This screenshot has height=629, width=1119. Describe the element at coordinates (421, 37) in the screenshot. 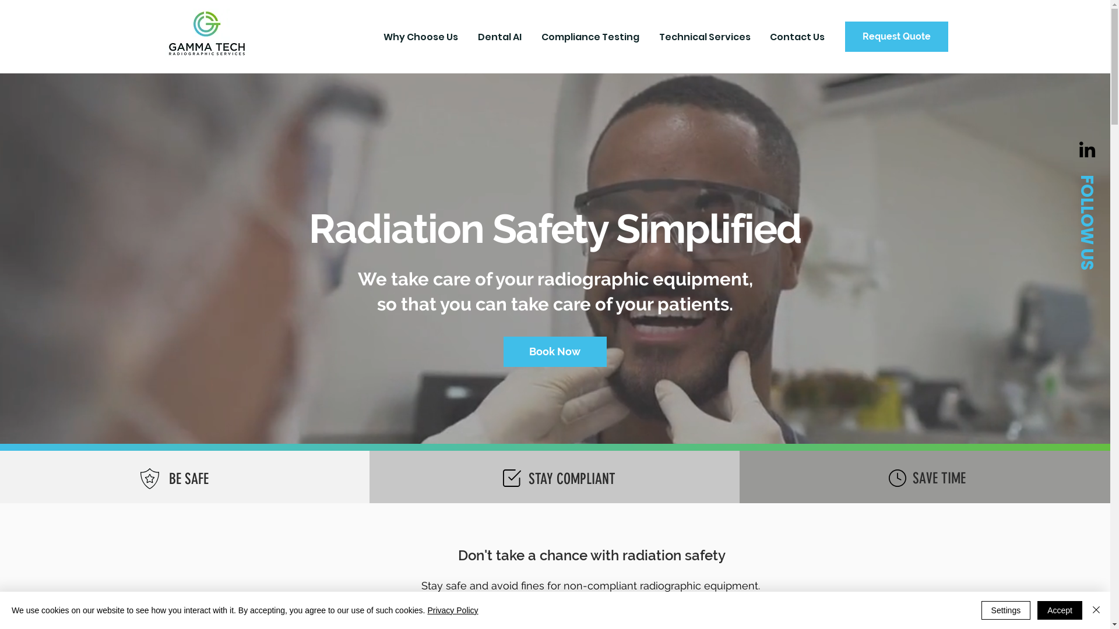

I see `'Why Choose Us'` at that location.